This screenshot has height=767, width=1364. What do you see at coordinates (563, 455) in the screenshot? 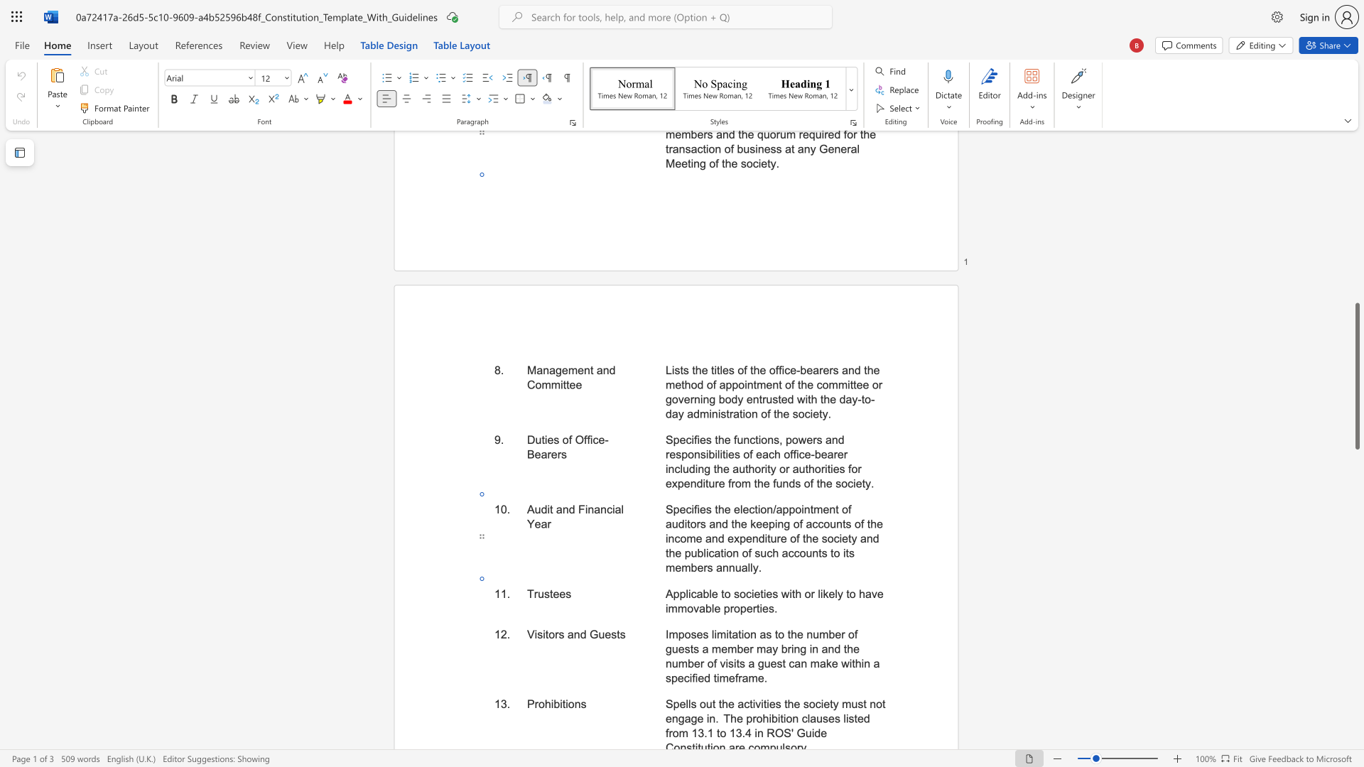
I see `the 2th character "s" in the text` at bounding box center [563, 455].